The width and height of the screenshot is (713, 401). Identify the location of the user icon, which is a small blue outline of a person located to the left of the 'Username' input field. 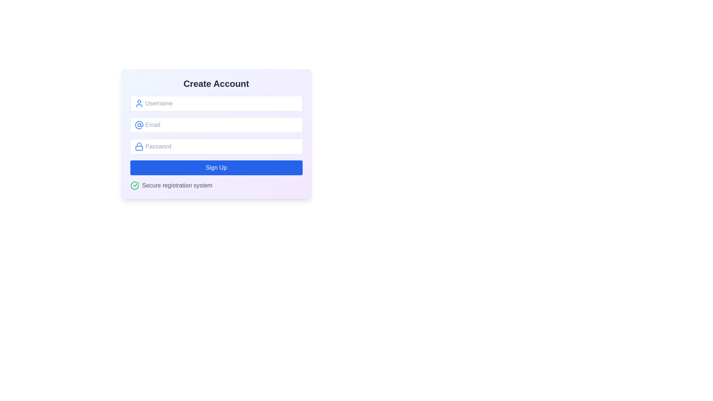
(139, 103).